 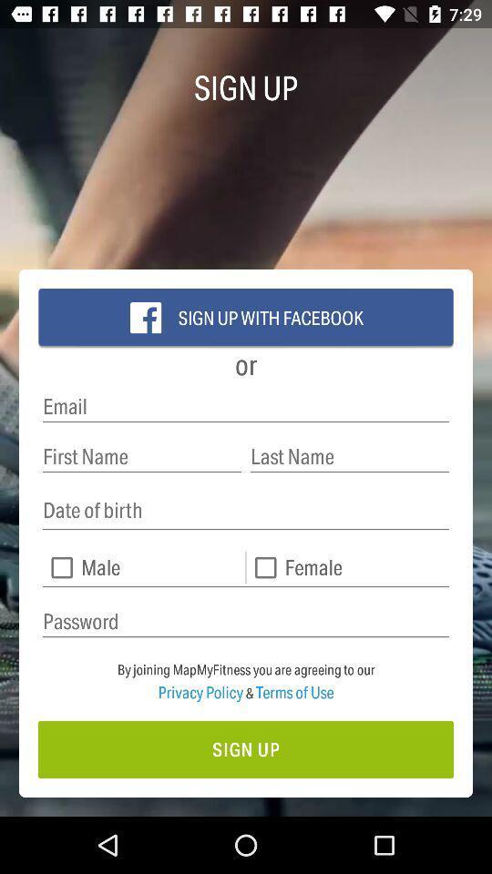 I want to click on last name option, so click(x=349, y=455).